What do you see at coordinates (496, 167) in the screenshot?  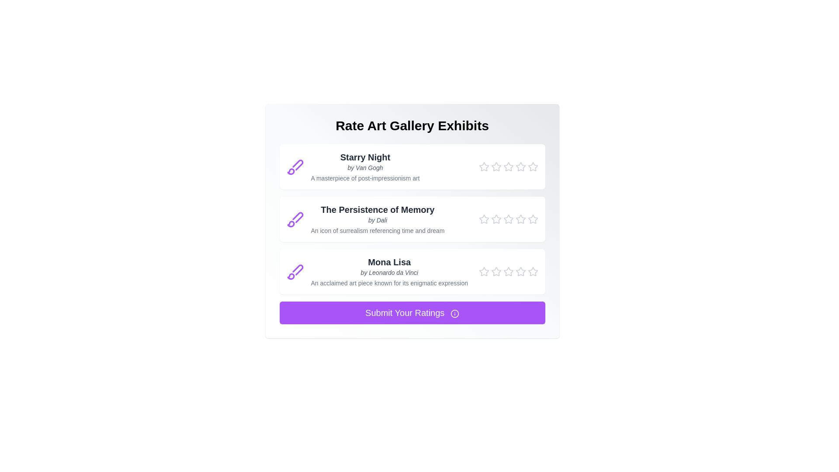 I see `the star corresponding to 2 for the painting titled Starry Night to set its rating` at bounding box center [496, 167].